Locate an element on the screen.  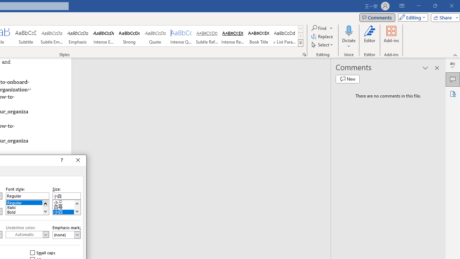
'Small caps' is located at coordinates (43, 253).